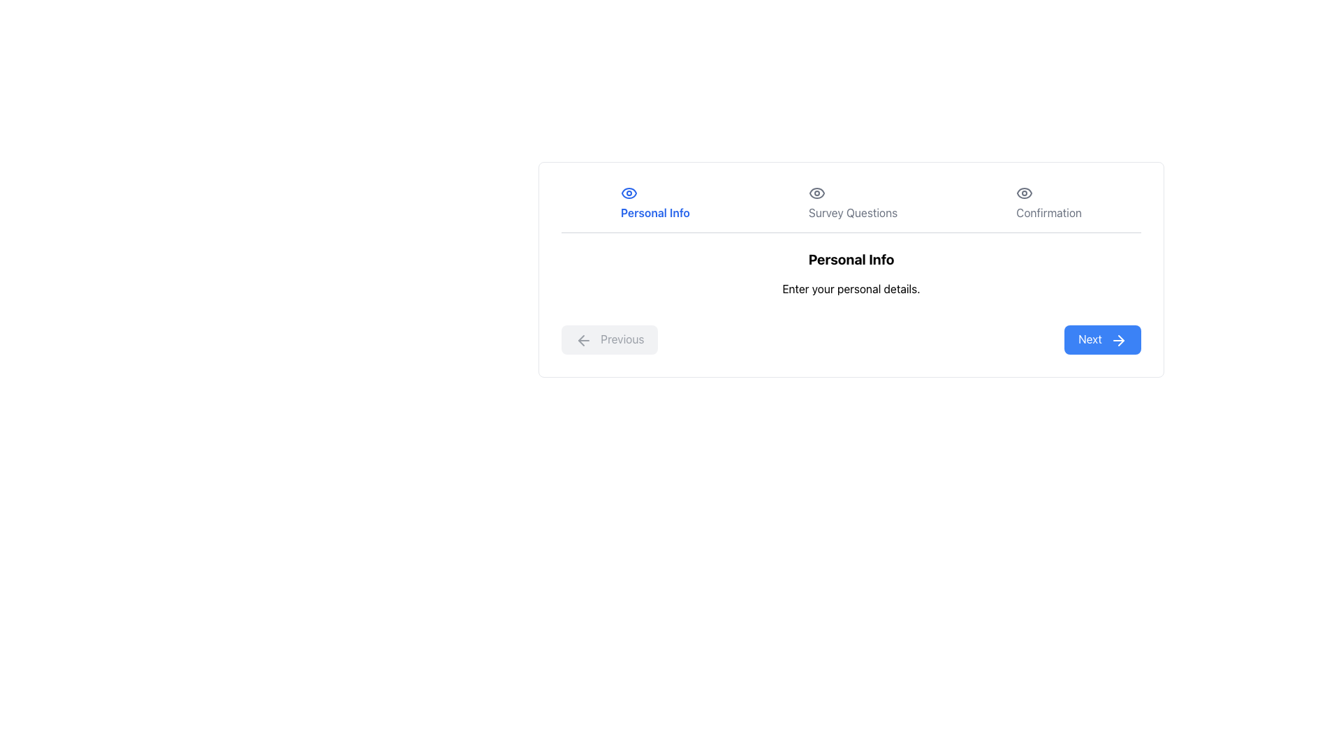 The image size is (1341, 754). What do you see at coordinates (583, 339) in the screenshot?
I see `the left-pointing arrow icon located in the left section of the 'Previous' button at the bottom left of the form interface` at bounding box center [583, 339].